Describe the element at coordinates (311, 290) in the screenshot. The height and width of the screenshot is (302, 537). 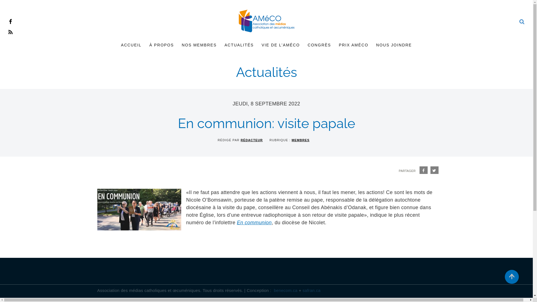
I see `'safran.ca'` at that location.